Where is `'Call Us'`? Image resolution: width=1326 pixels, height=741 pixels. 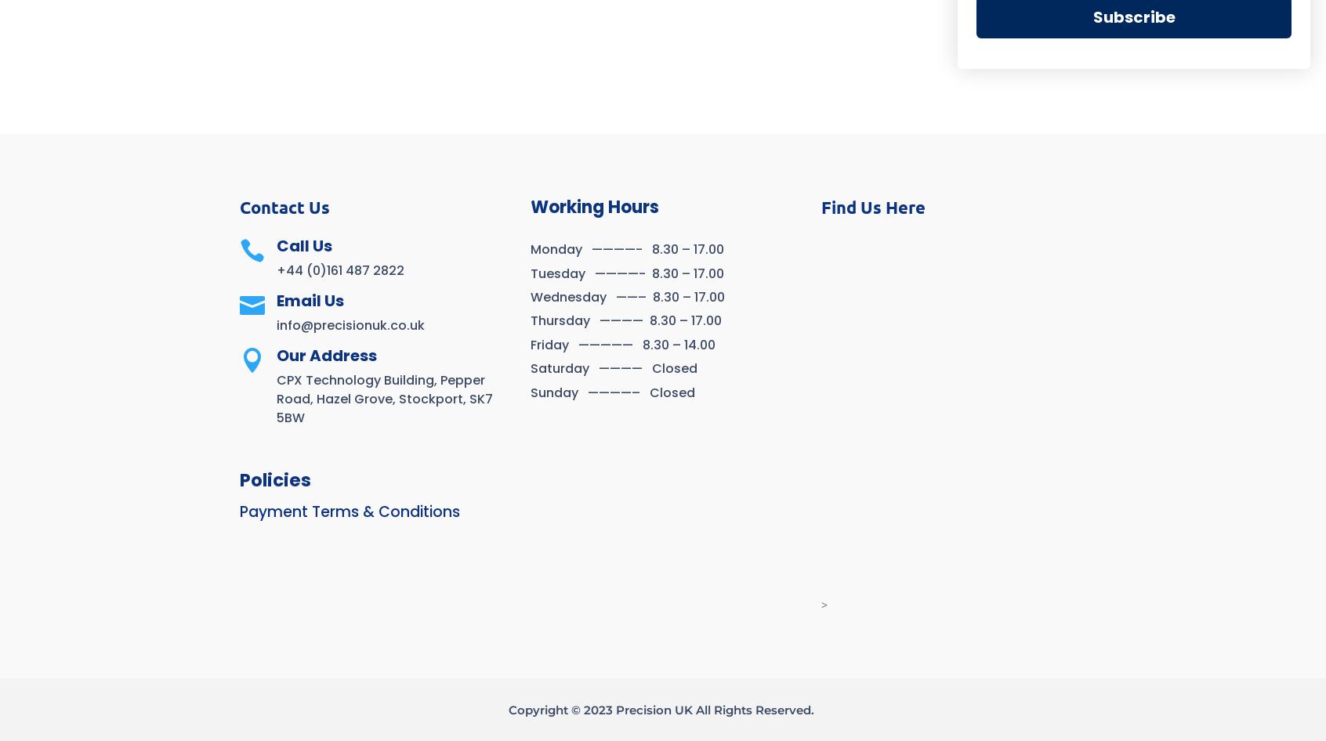
'Call Us' is located at coordinates (304, 244).